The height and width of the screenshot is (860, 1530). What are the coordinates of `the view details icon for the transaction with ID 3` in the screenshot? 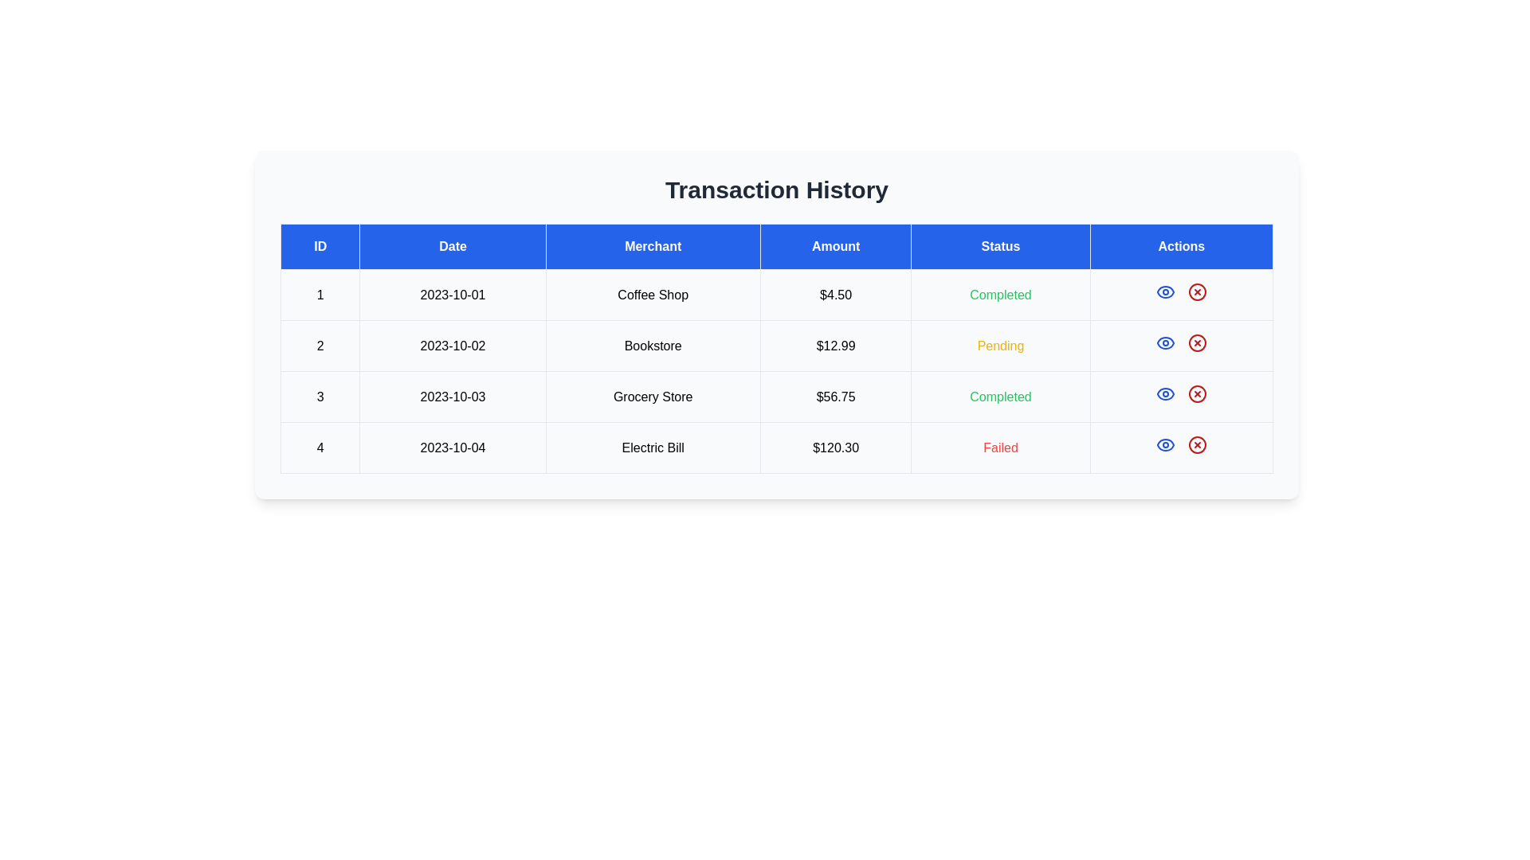 It's located at (1165, 393).